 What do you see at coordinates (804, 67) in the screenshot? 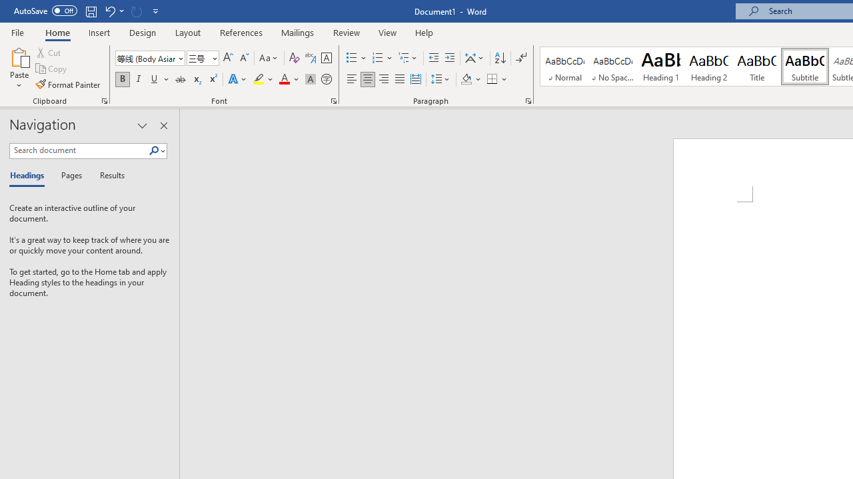
I see `'Subtitle'` at bounding box center [804, 67].